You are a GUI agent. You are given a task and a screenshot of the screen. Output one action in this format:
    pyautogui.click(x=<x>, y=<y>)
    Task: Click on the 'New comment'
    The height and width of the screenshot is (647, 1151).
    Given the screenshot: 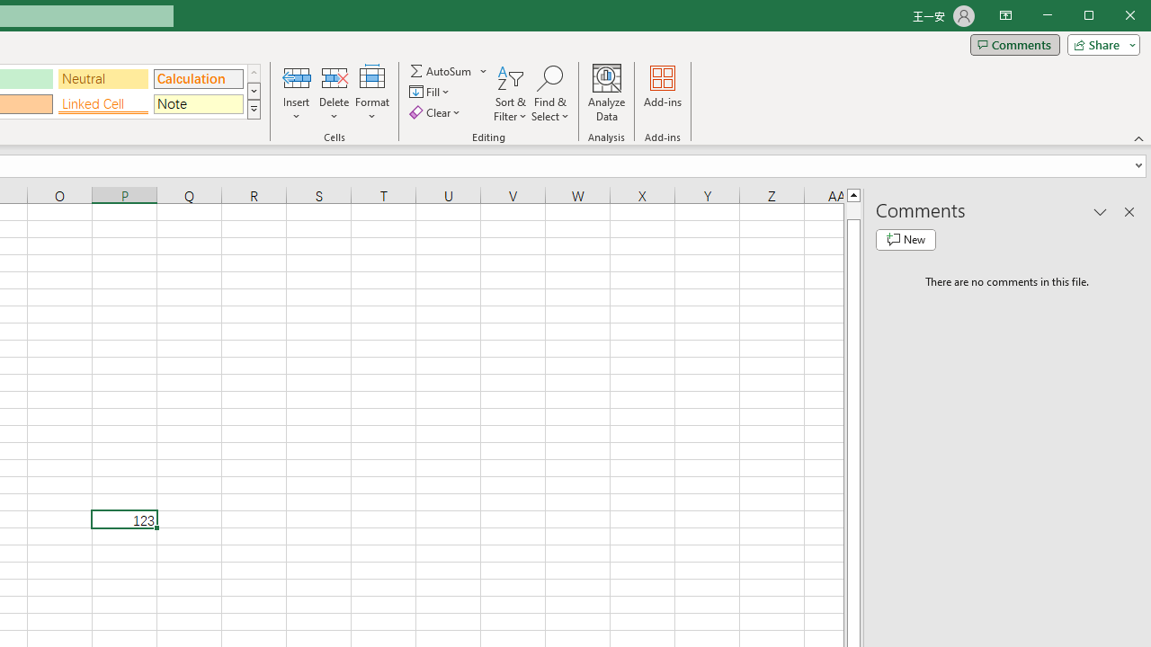 What is the action you would take?
    pyautogui.click(x=906, y=239)
    